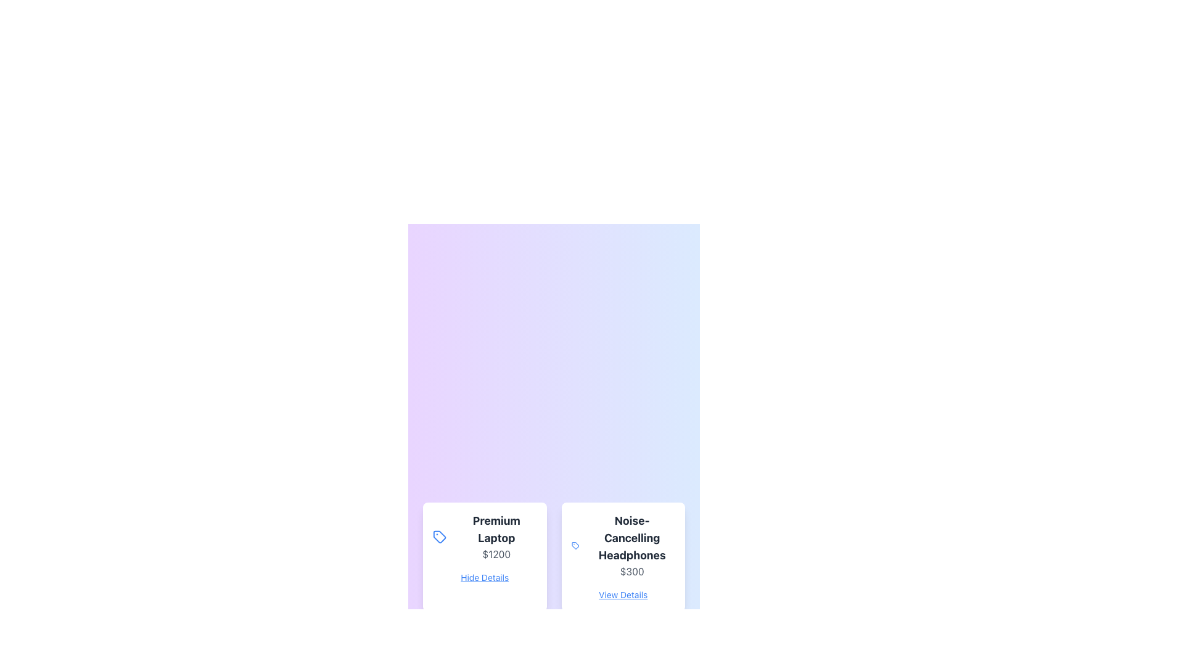 The height and width of the screenshot is (666, 1184). What do you see at coordinates (496, 528) in the screenshot?
I see `the text label displaying 'Premium Laptop', which is styled with a bold, large font in dark gray color and located at the top of its card component` at bounding box center [496, 528].